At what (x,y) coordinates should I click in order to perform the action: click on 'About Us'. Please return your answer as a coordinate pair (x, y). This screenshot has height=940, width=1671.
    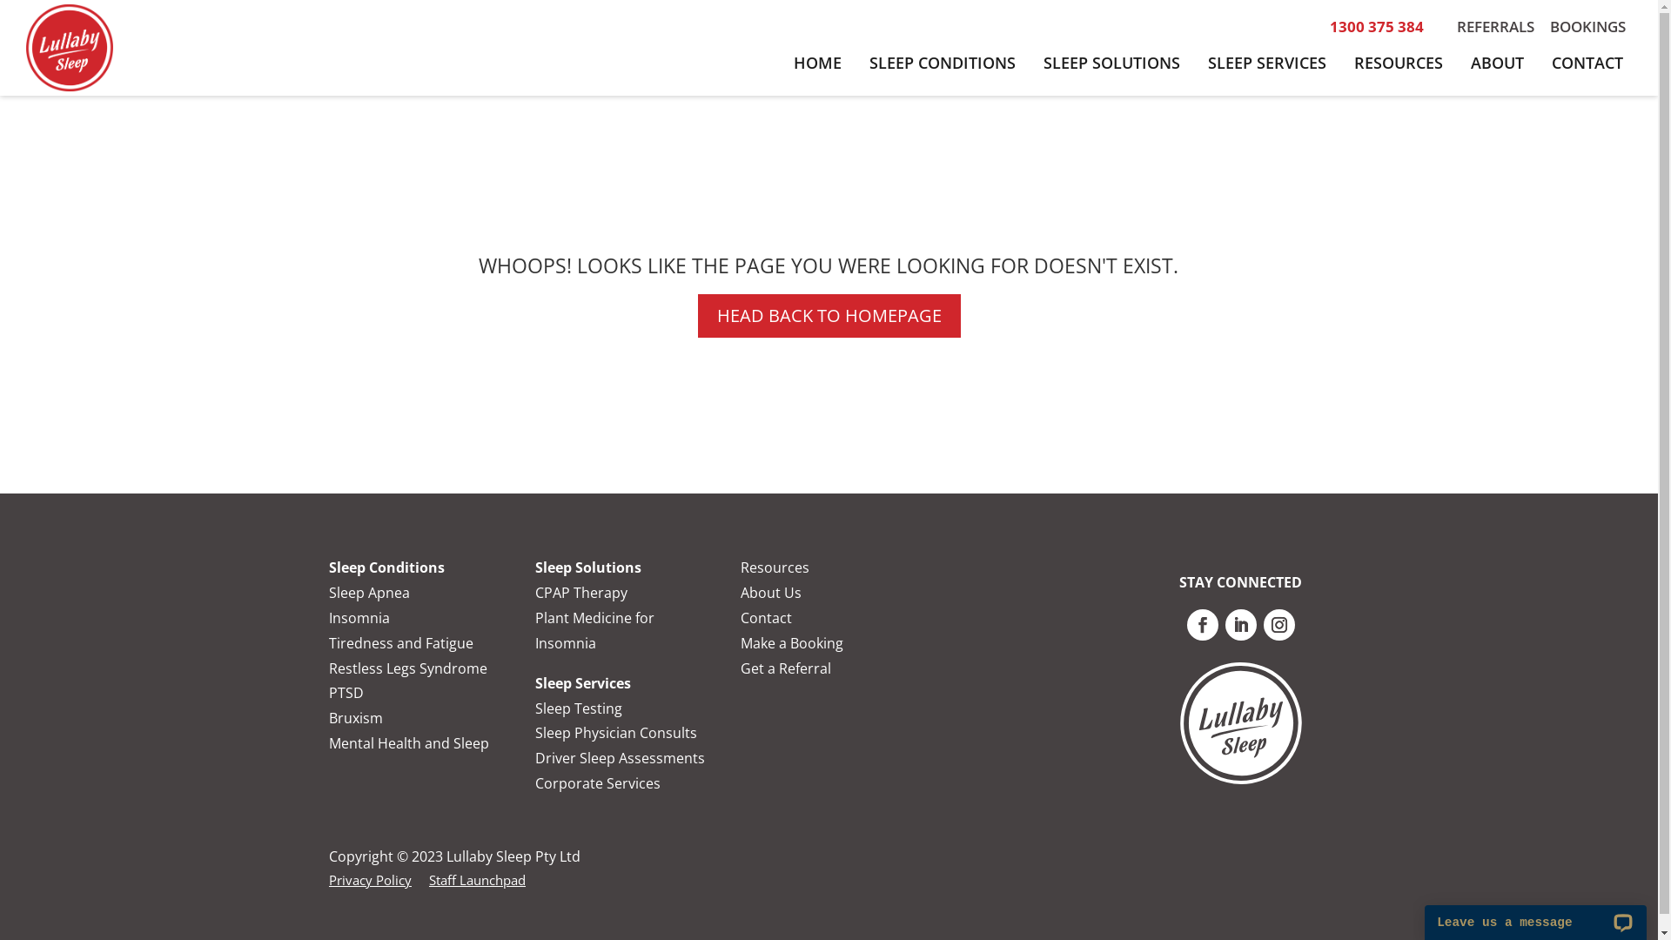
    Looking at the image, I should click on (770, 592).